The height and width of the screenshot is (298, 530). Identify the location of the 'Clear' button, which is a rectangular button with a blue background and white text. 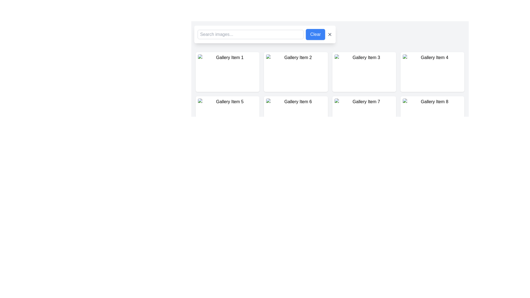
(315, 34).